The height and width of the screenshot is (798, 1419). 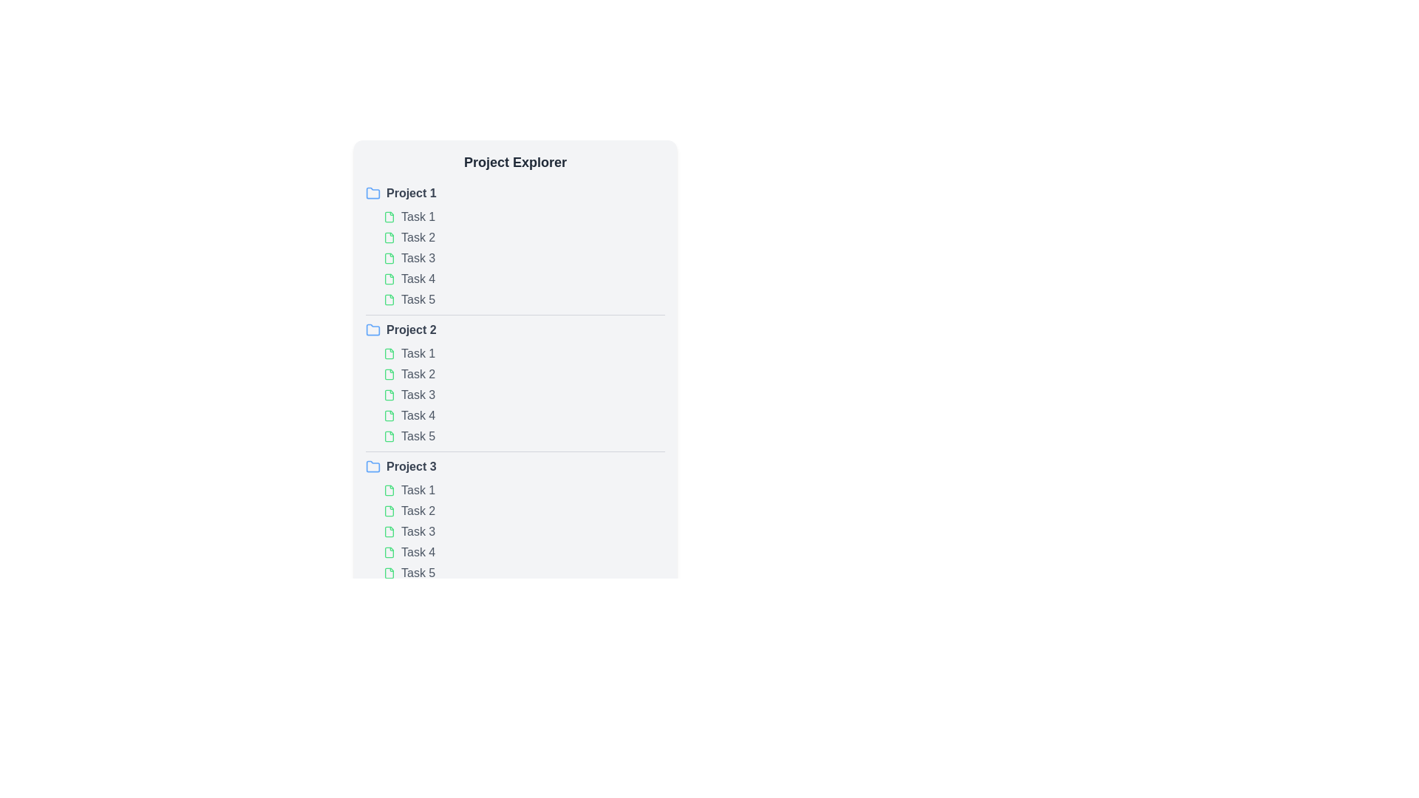 I want to click on the text label representing a task item in the project management interface, so click(x=418, y=216).